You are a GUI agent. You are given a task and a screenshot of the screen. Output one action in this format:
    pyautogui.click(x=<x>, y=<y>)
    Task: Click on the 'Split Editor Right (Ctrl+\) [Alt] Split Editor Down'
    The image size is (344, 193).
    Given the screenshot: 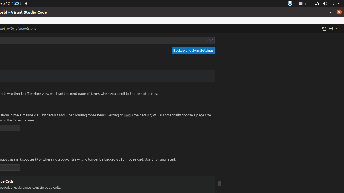 What is the action you would take?
    pyautogui.click(x=330, y=28)
    